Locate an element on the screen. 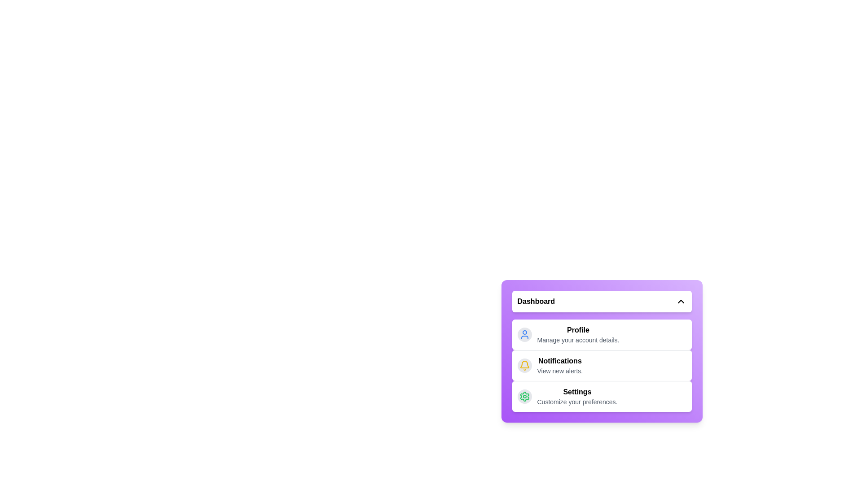  the 'Dashboard' button to toggle the menu is located at coordinates (602, 301).